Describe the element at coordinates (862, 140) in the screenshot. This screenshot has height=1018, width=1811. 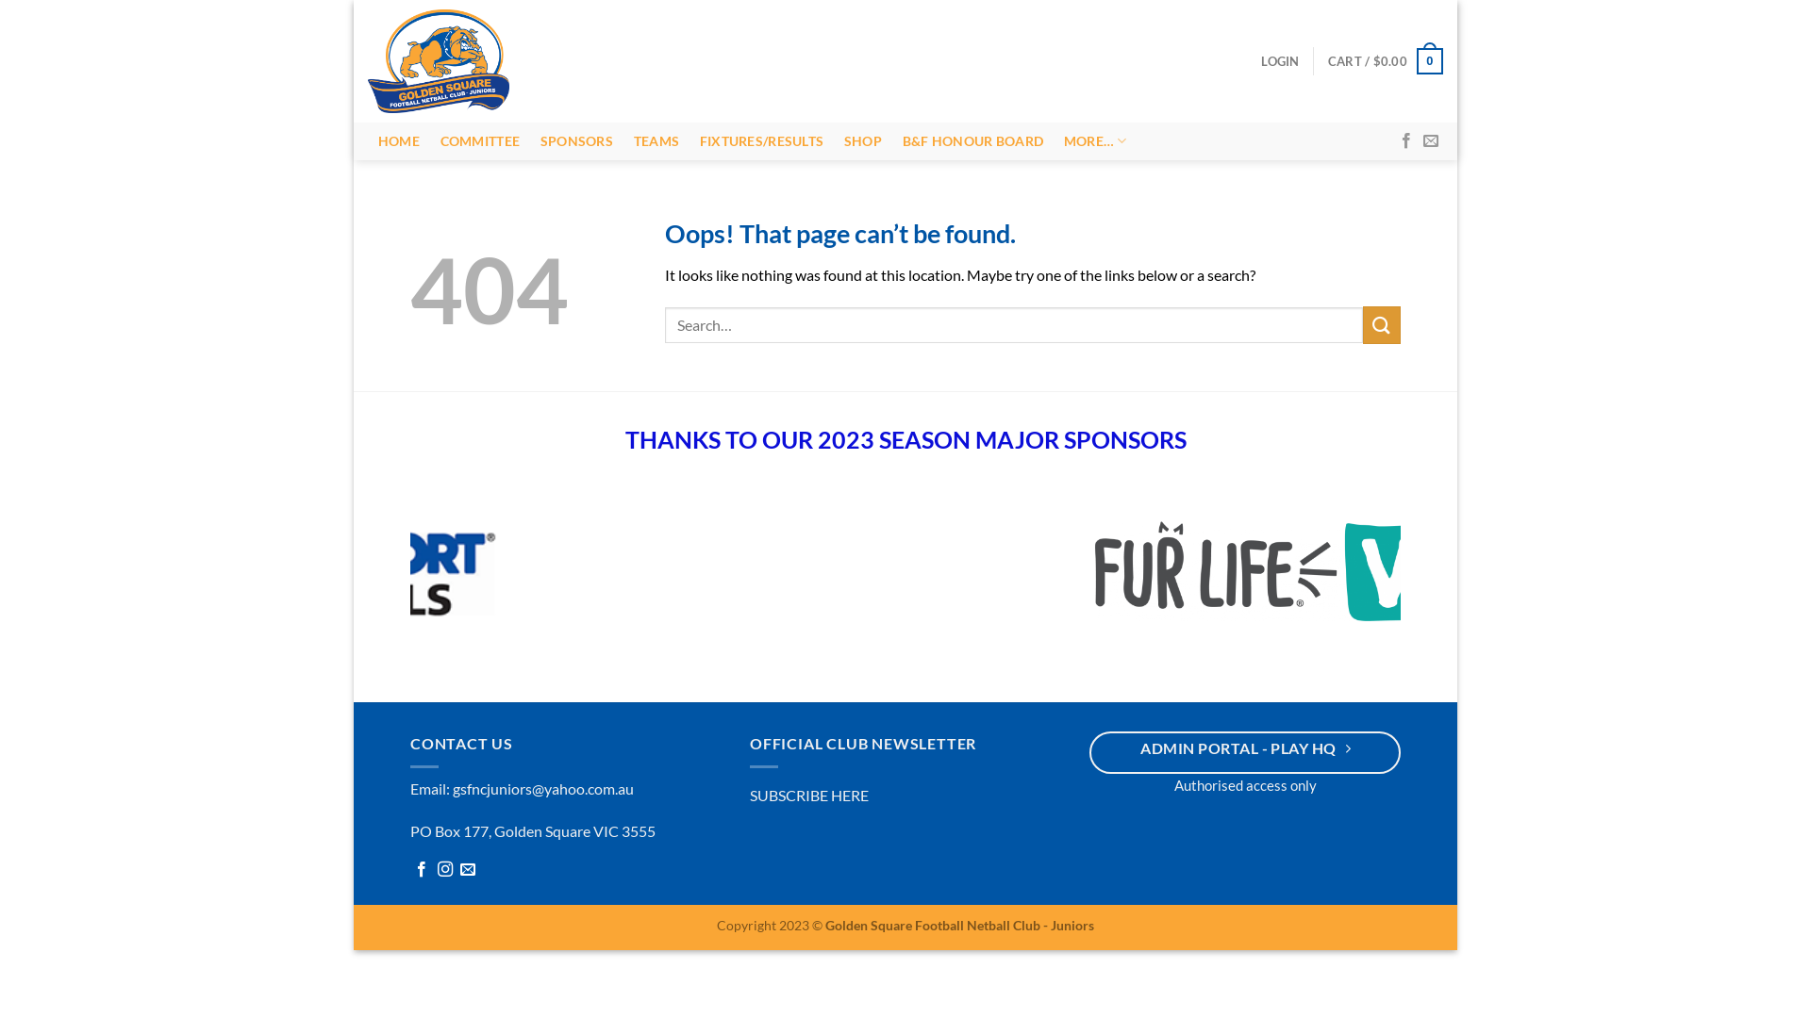
I see `'SHOP'` at that location.